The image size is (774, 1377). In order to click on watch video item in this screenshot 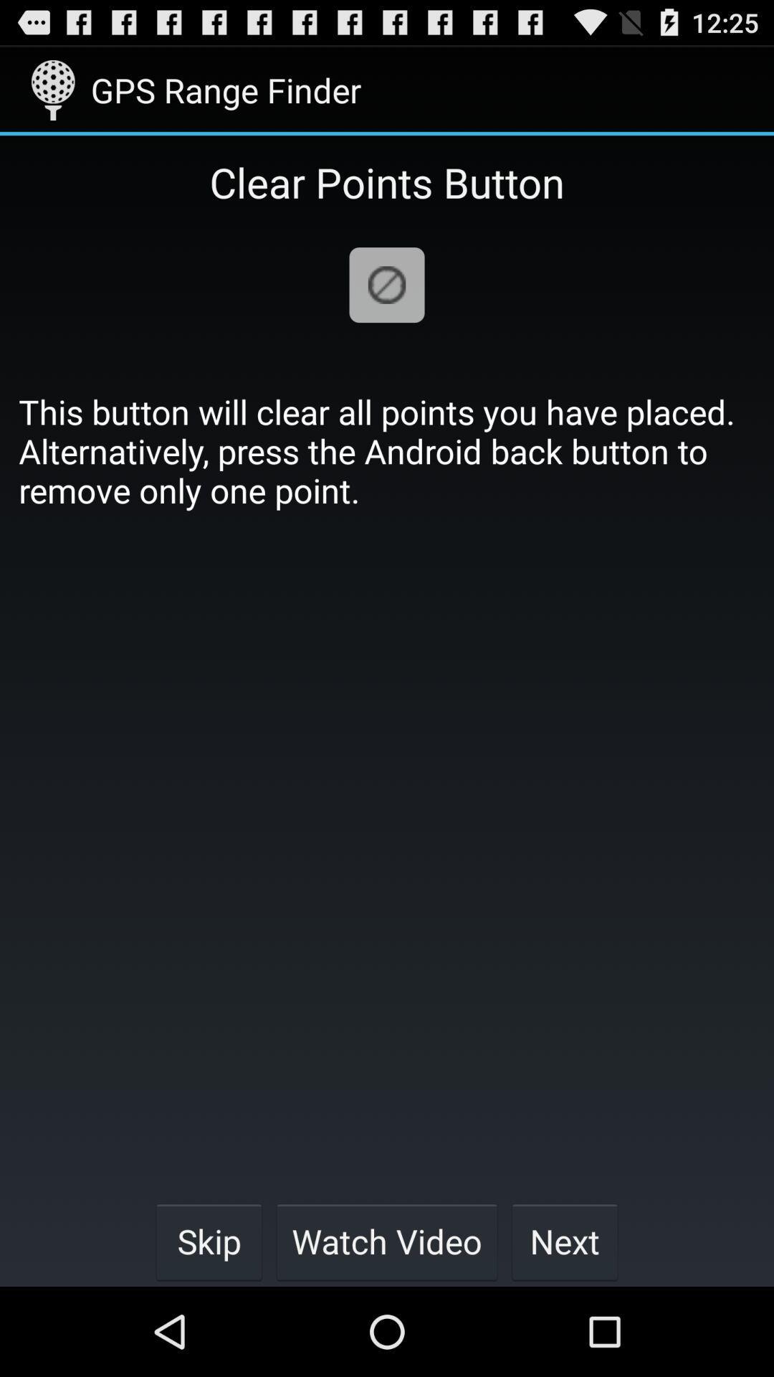, I will do `click(387, 1241)`.